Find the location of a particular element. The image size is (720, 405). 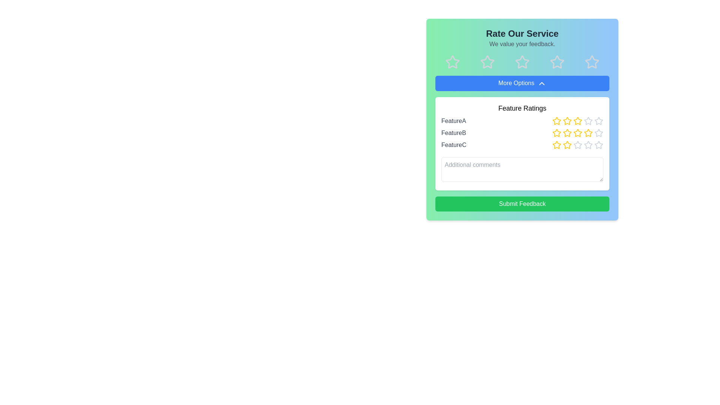

the fifth star icon in the second row of rating stars for 'FeatureB' in the 'Feature Ratings' section to provide a rating is located at coordinates (598, 132).